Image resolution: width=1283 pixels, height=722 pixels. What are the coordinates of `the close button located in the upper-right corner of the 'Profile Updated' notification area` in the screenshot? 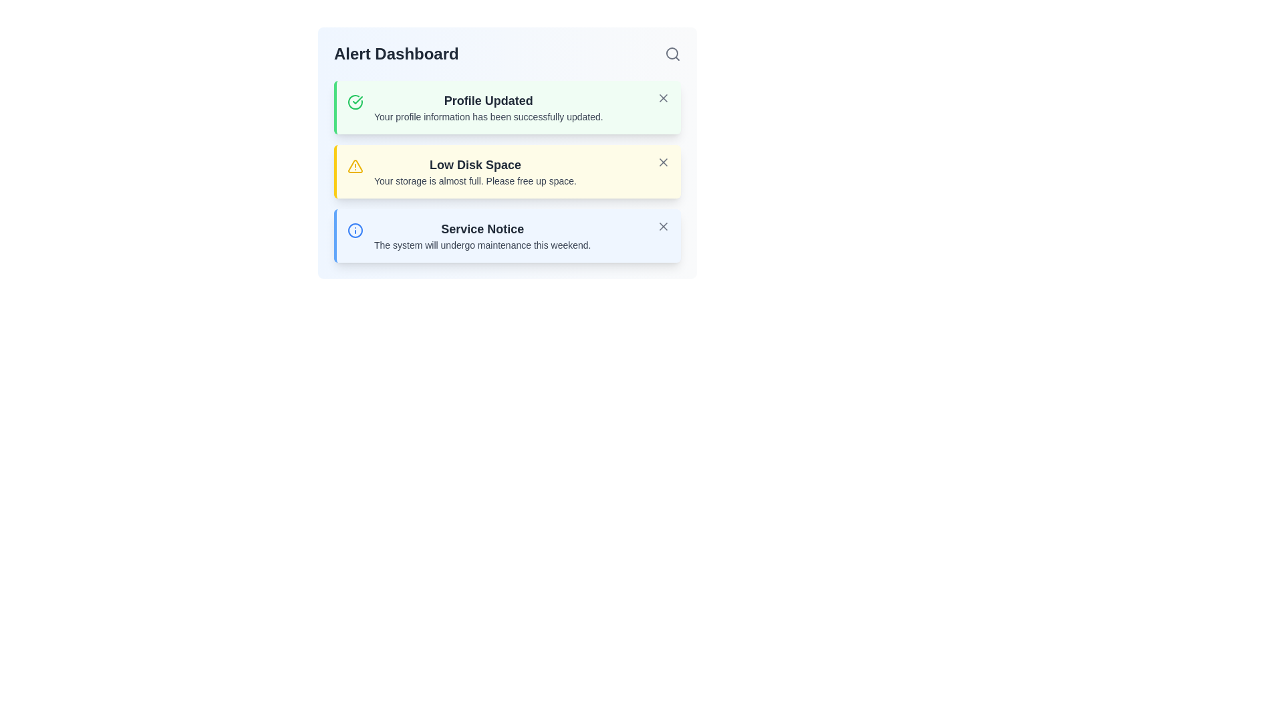 It's located at (664, 97).